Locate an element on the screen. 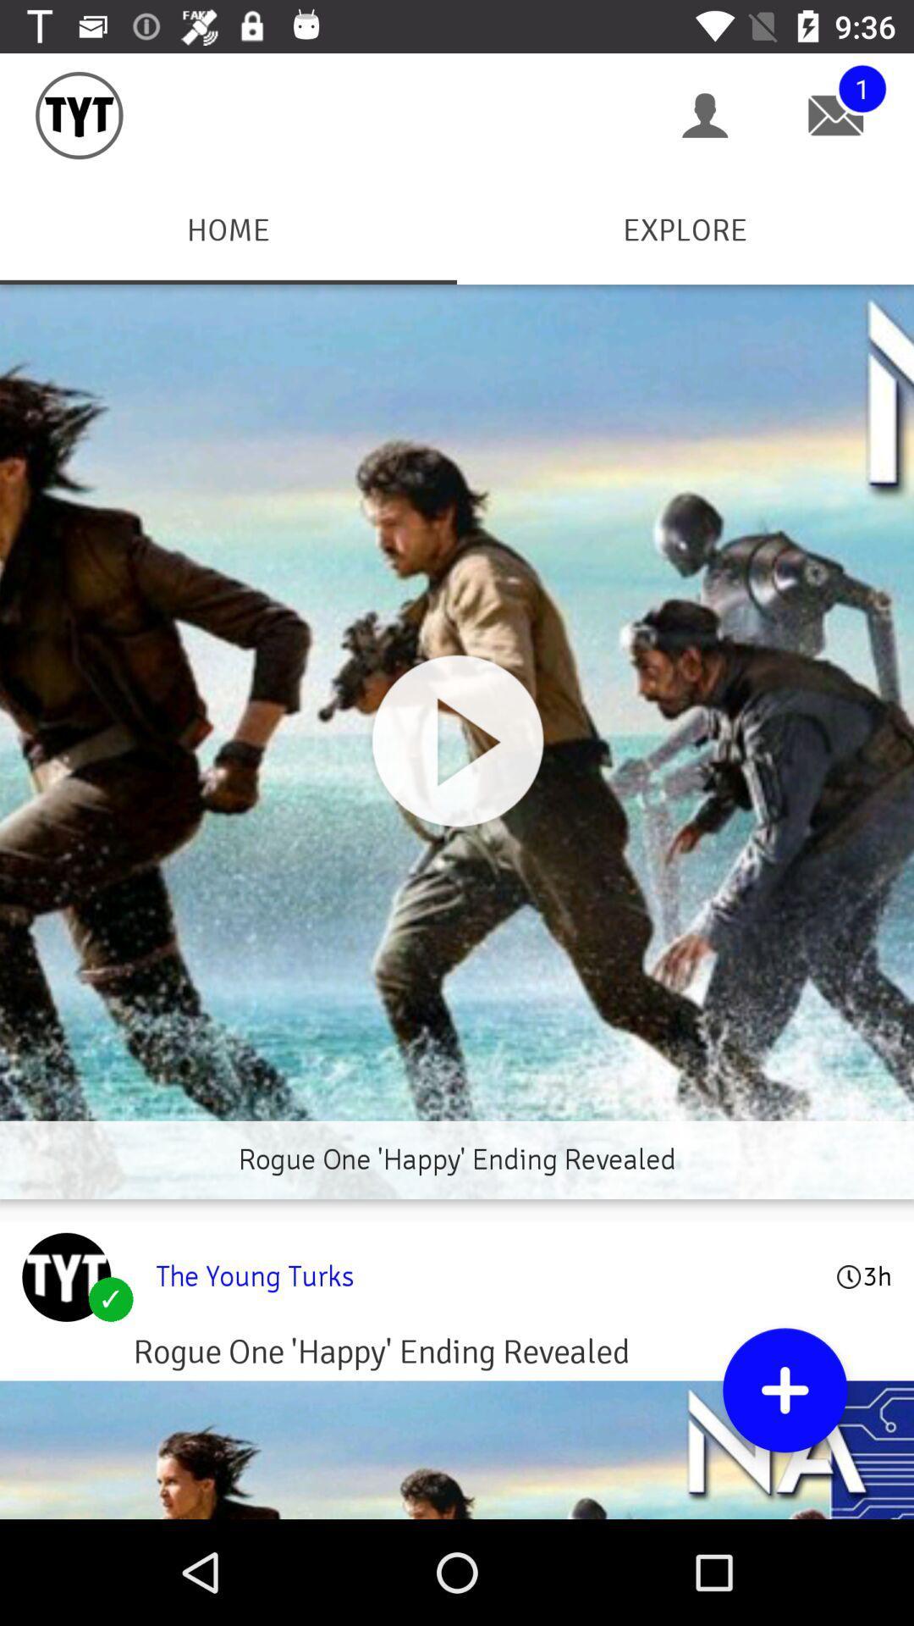  link to homepage is located at coordinates (65, 1277).